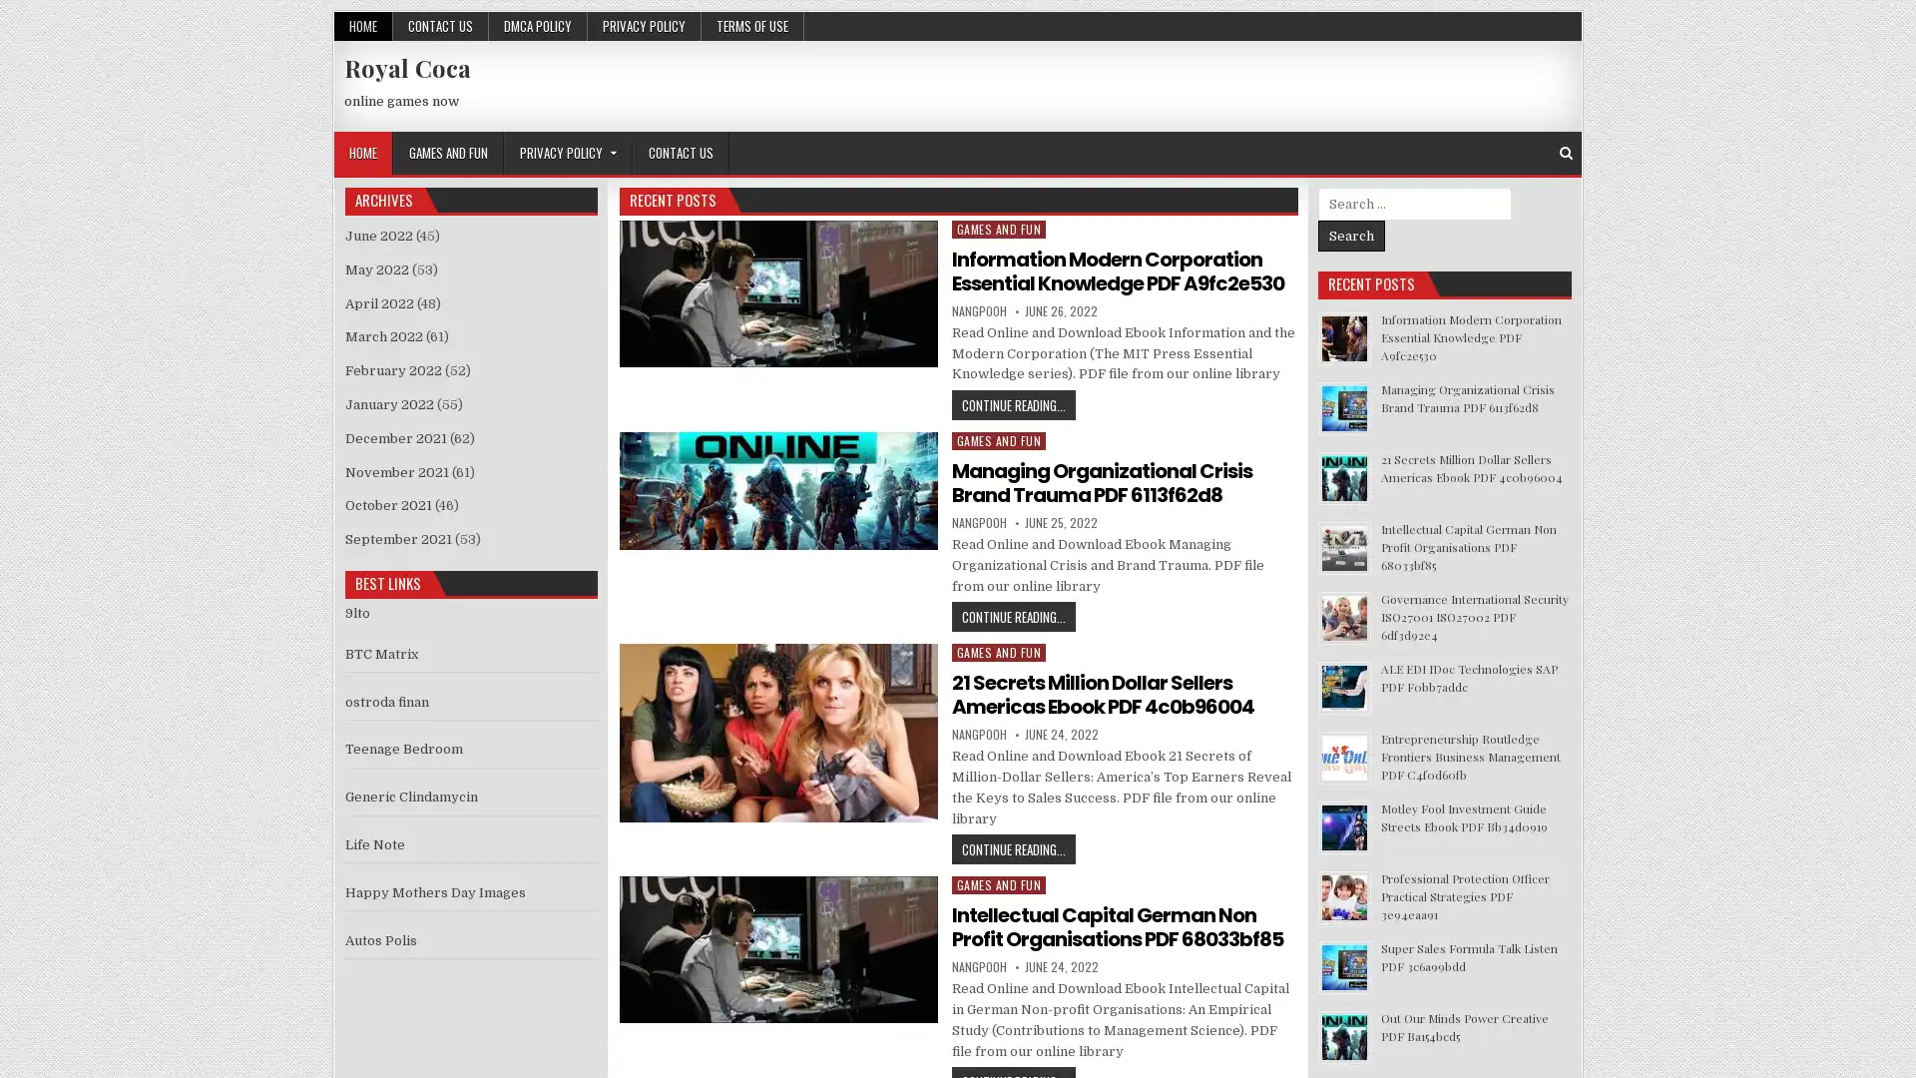 This screenshot has height=1078, width=1916. I want to click on Search, so click(1351, 235).